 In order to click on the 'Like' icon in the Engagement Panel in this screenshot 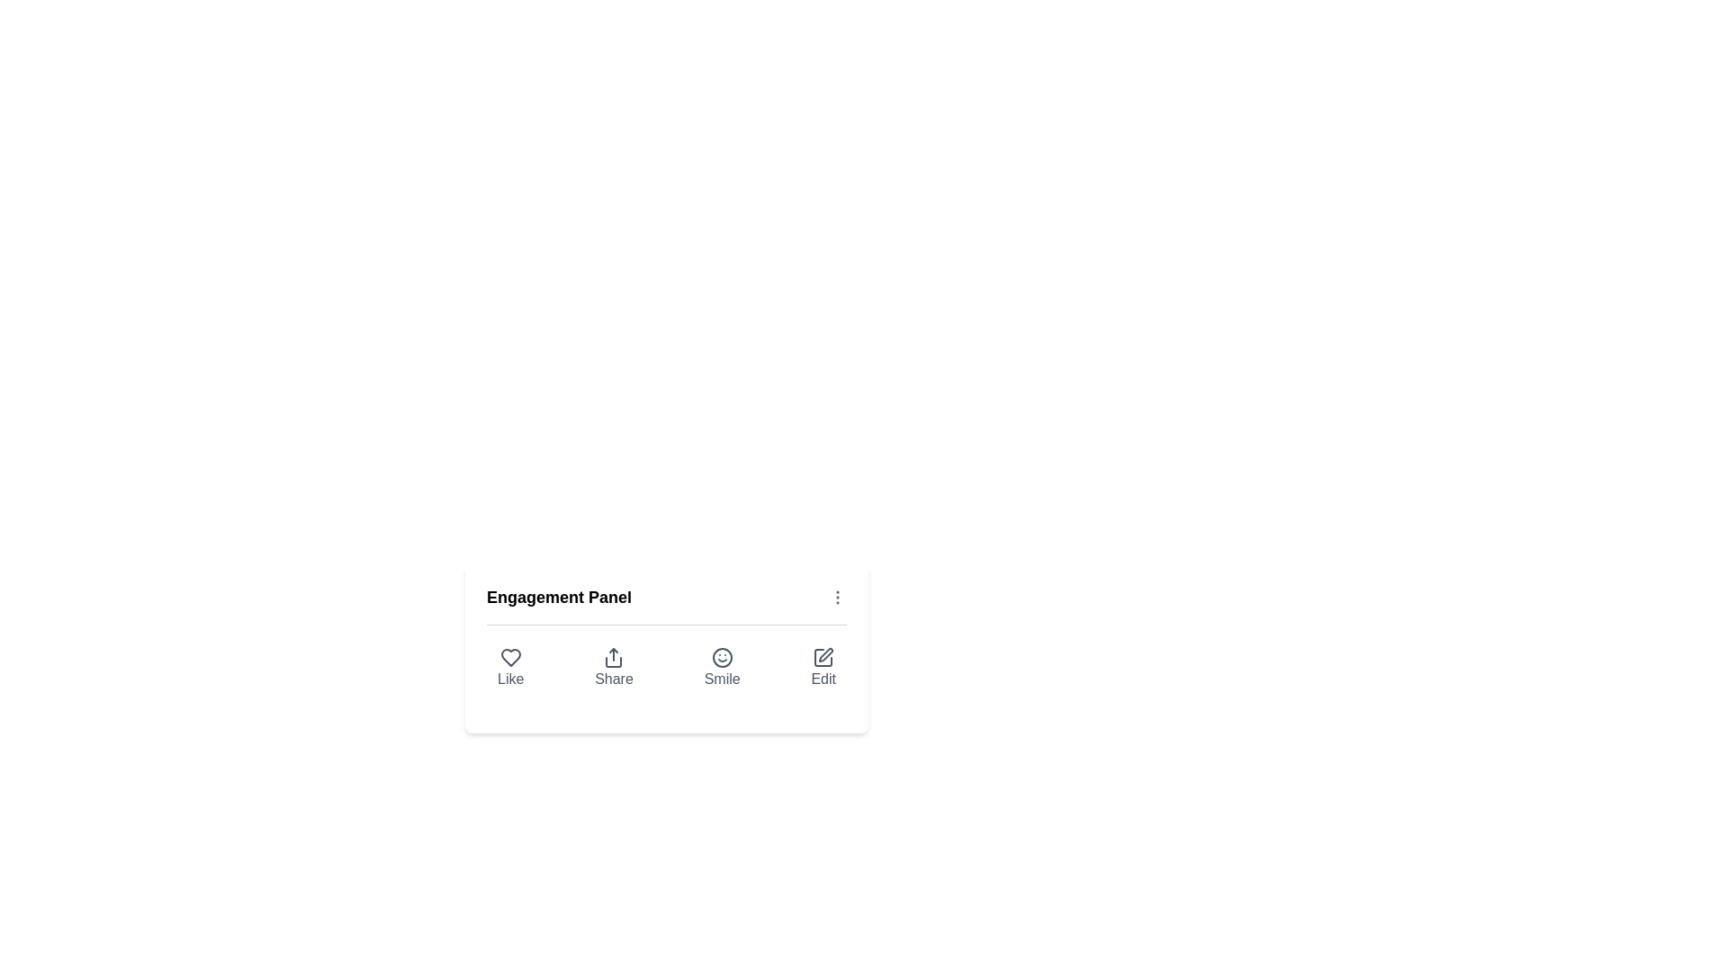, I will do `click(509, 658)`.